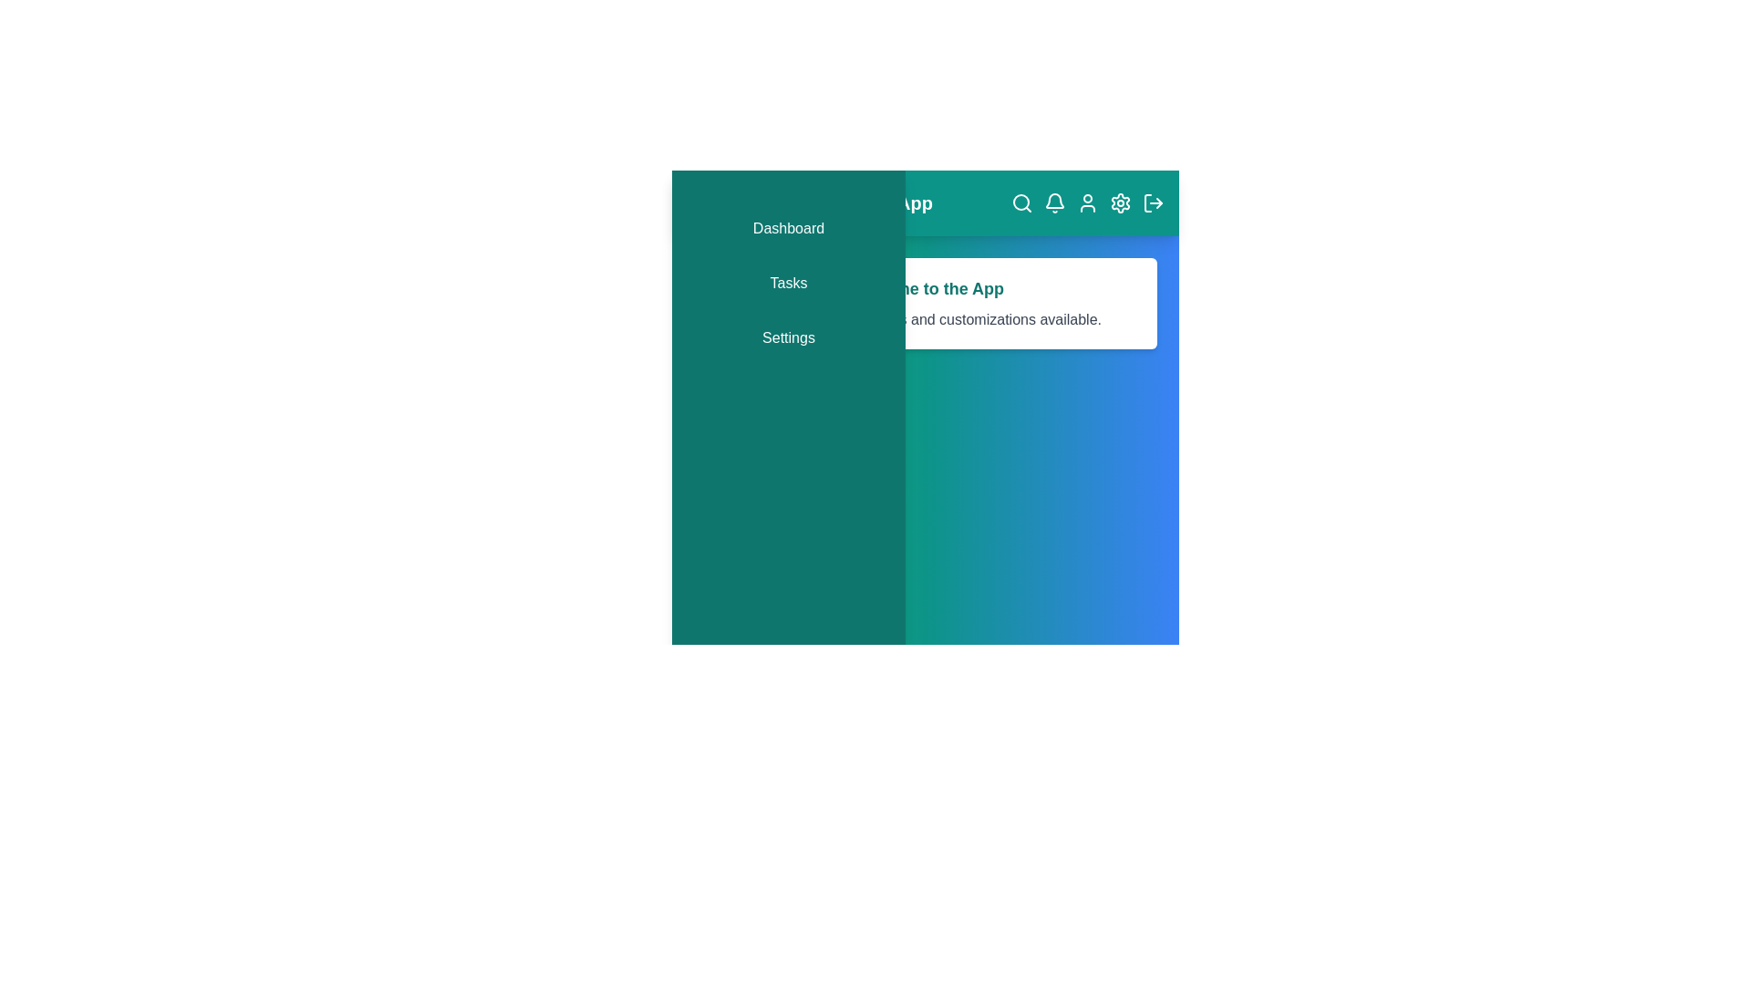  What do you see at coordinates (1119, 203) in the screenshot?
I see `the 'Settings' icon in the app bar` at bounding box center [1119, 203].